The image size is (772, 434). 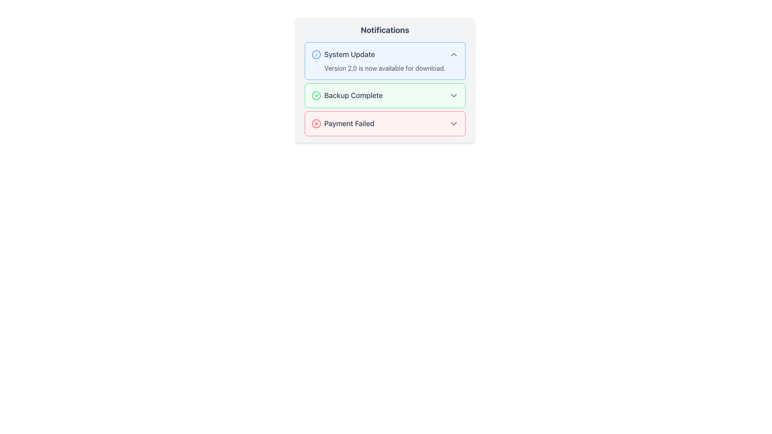 I want to click on the Notification Card that has a red border and light red background, displaying 'Payment Failed' in bold text, located below the 'Backup Complete' card, so click(x=384, y=124).